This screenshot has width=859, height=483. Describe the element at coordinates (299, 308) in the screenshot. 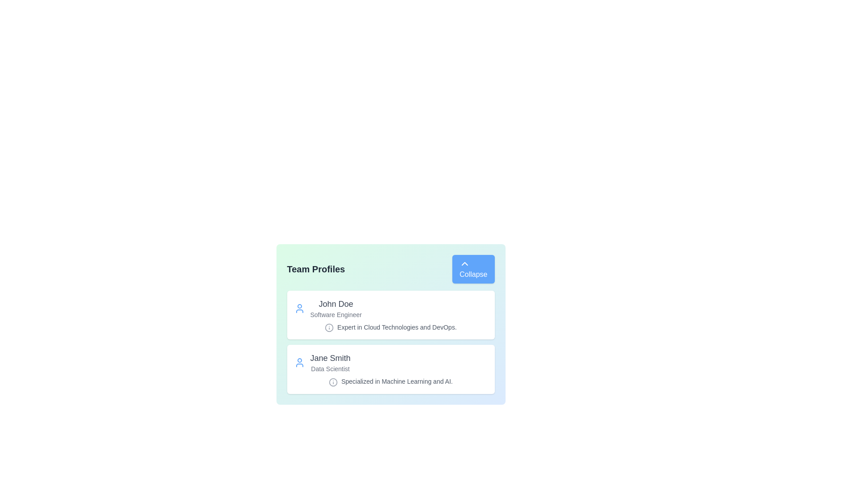

I see `the user icon of the profile identified by John Doe` at that location.